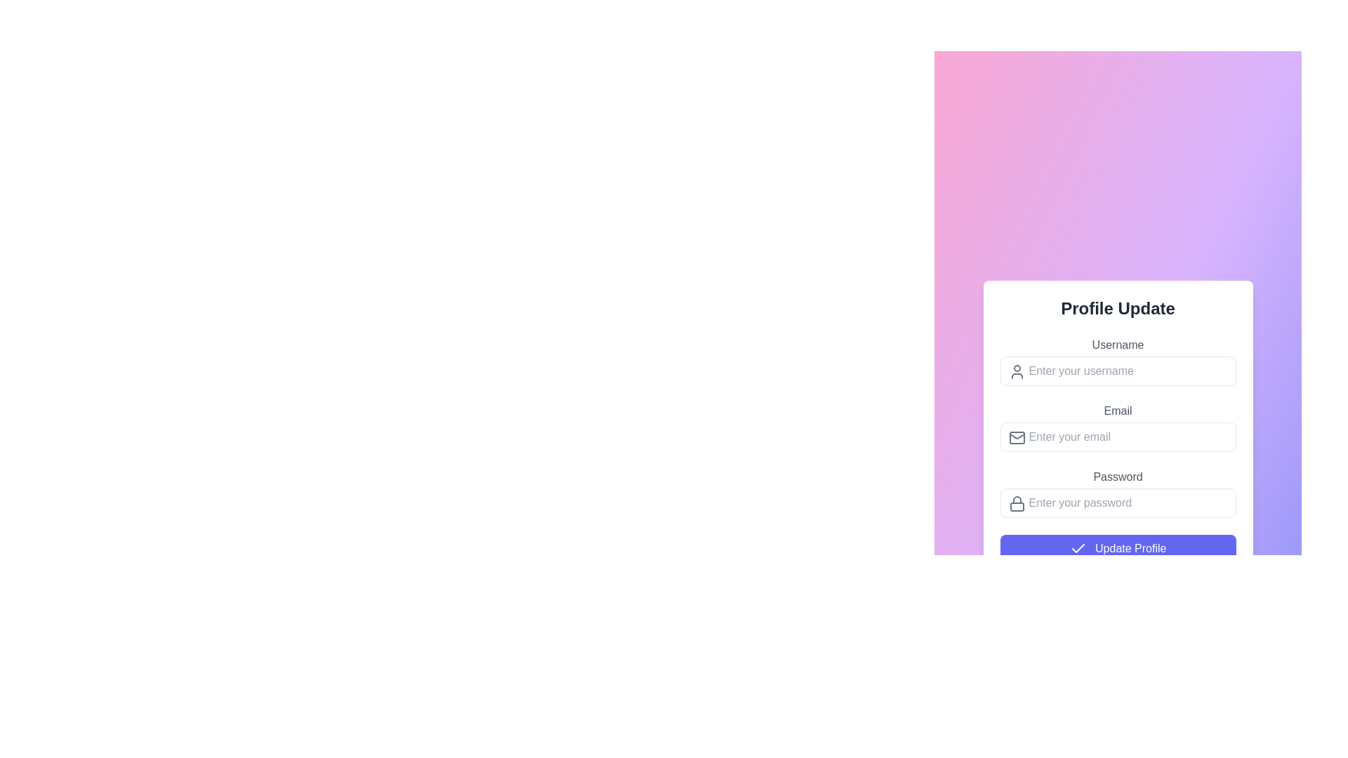 The width and height of the screenshot is (1348, 758). Describe the element at coordinates (1117, 360) in the screenshot. I see `the 'Username' text label element, which is centrally aligned and located above the input field in the 'Profile Update' section` at that location.